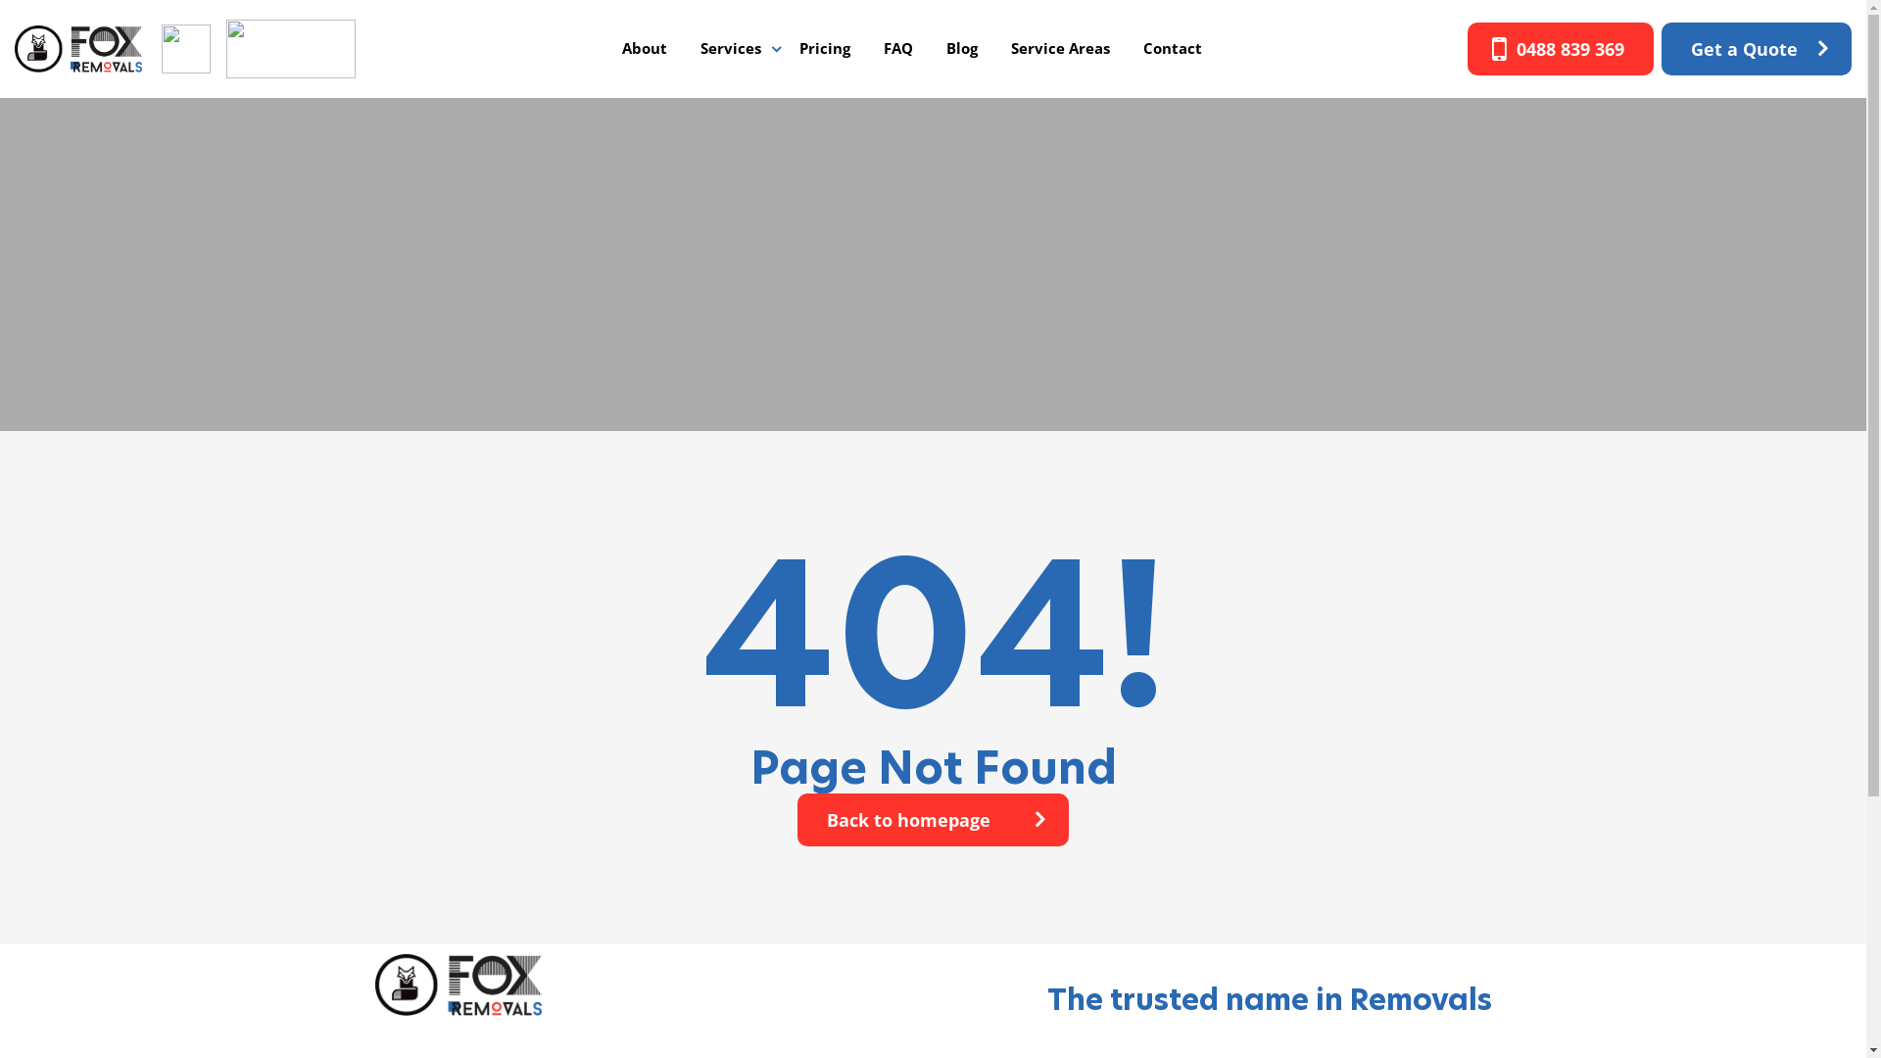 This screenshot has height=1058, width=1881. I want to click on 'Pricing', so click(785, 47).